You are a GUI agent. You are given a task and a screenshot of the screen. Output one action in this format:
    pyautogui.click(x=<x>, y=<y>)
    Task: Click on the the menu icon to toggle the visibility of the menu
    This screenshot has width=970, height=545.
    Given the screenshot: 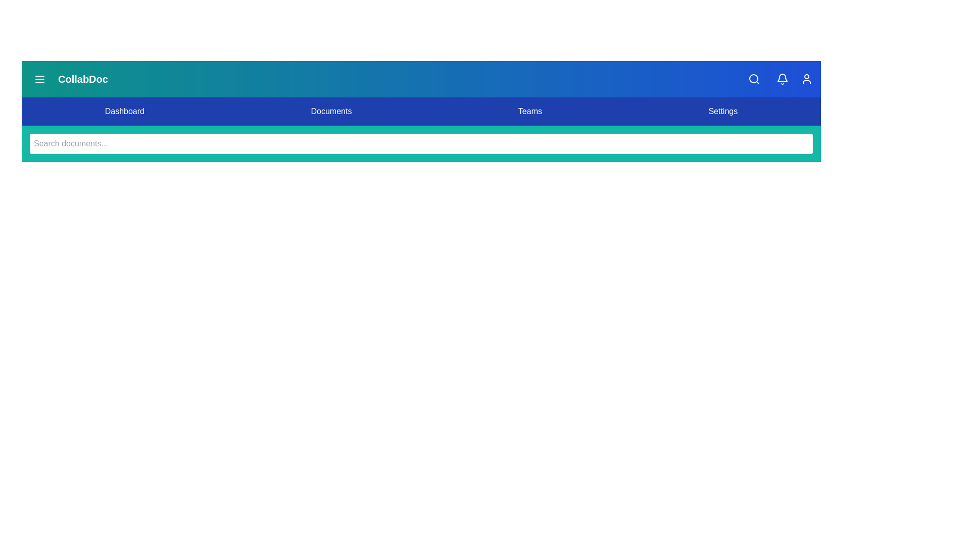 What is the action you would take?
    pyautogui.click(x=39, y=79)
    